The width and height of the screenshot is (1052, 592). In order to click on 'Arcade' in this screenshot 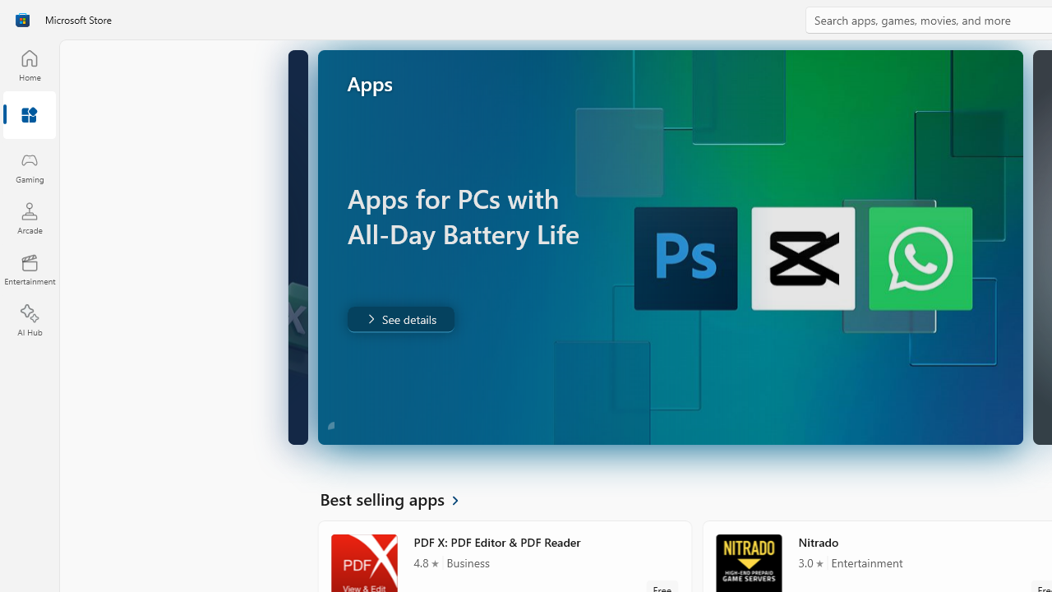, I will do `click(29, 217)`.